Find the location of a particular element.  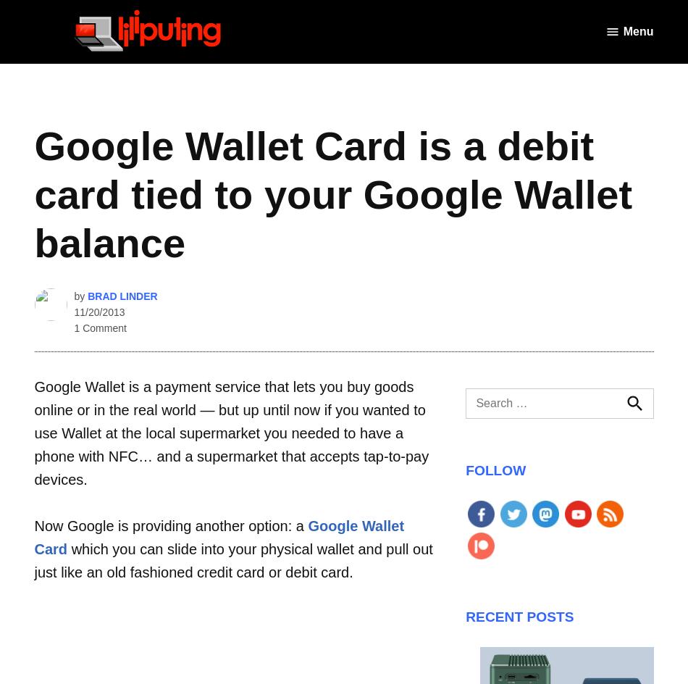

'Brad Linder' is located at coordinates (88, 295).